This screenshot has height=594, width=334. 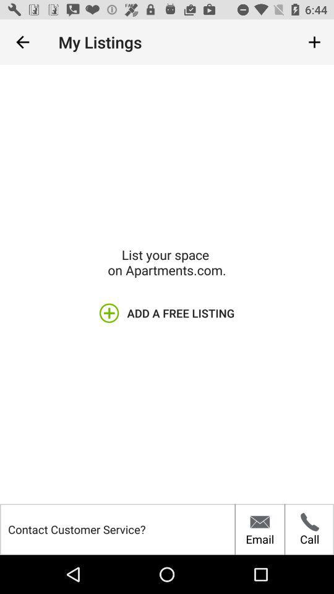 I want to click on the call icon, so click(x=309, y=528).